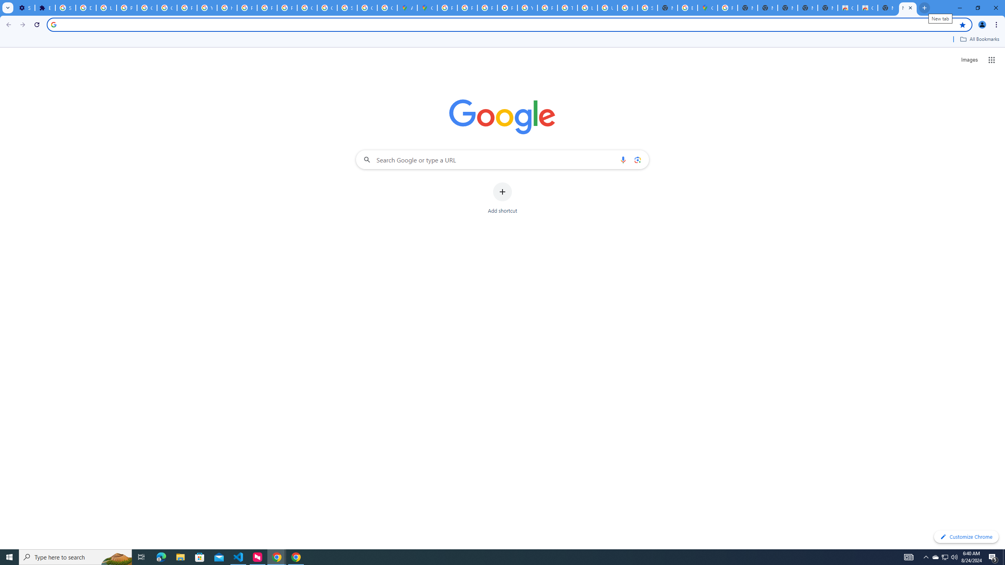  Describe the element at coordinates (448, 7) in the screenshot. I see `'Policy Accountability and Transparency - Transparency Center'` at that location.